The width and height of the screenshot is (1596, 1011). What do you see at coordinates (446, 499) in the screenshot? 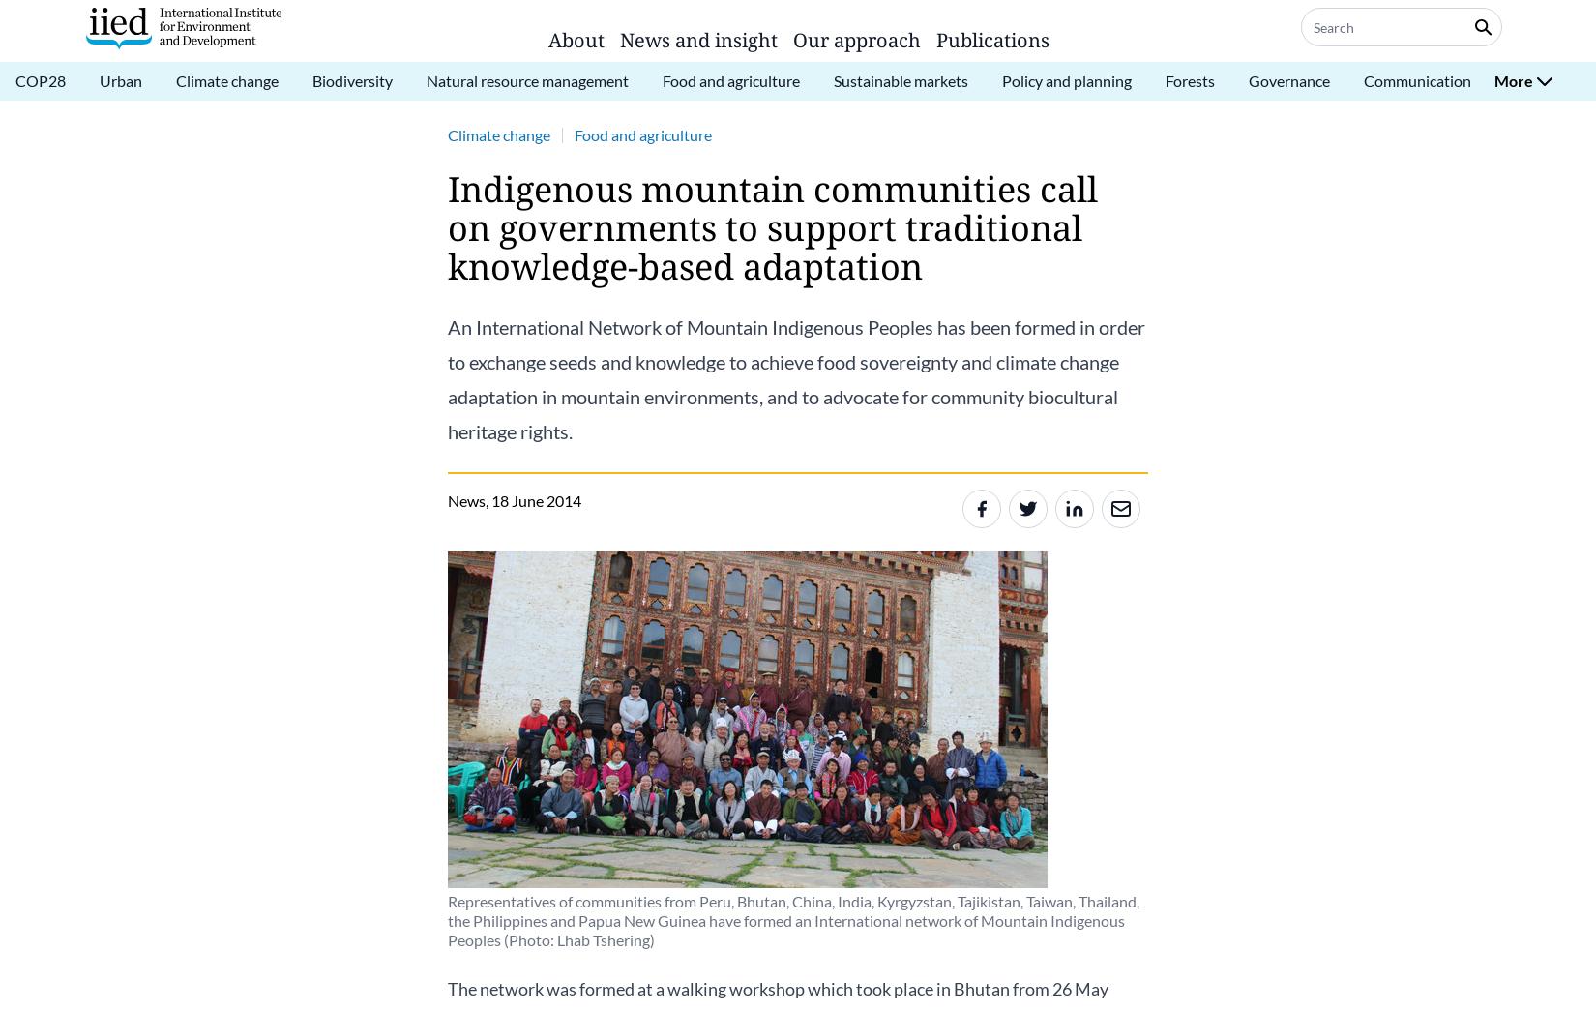
I see `'News, 18 June 2014'` at bounding box center [446, 499].